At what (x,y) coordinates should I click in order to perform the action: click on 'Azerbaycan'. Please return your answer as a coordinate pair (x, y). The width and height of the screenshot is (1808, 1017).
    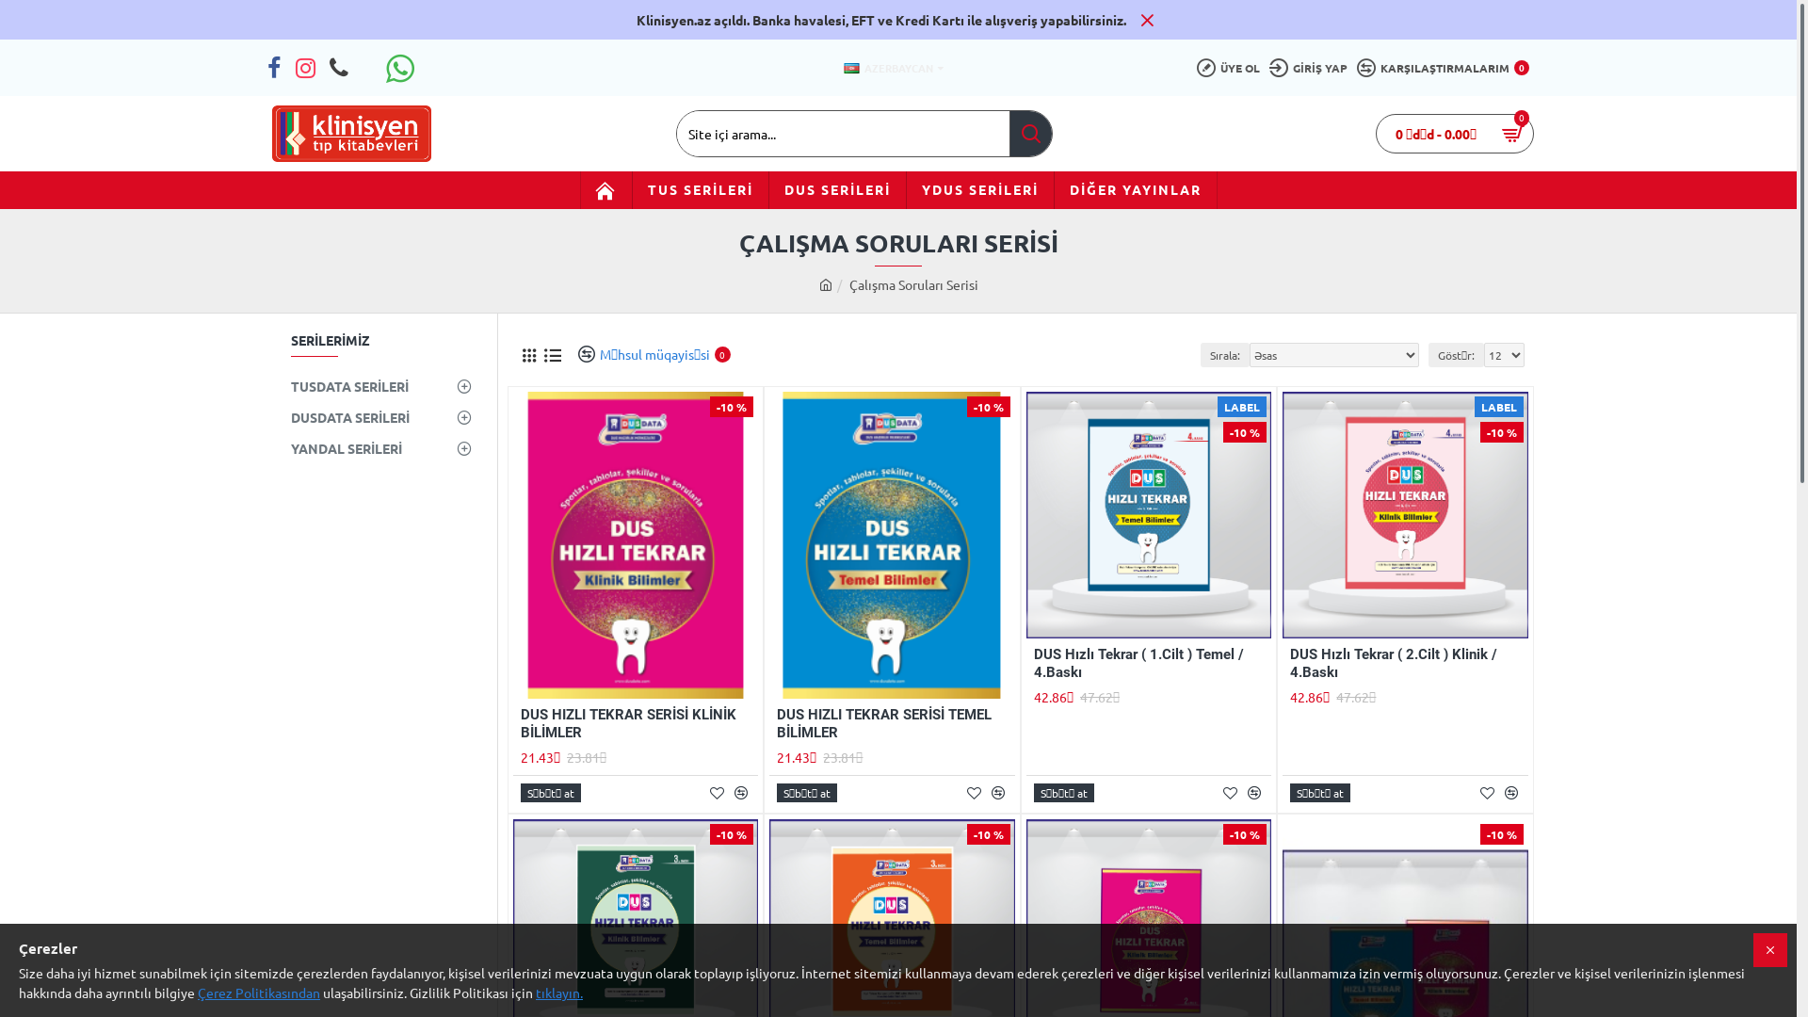
    Looking at the image, I should click on (849, 66).